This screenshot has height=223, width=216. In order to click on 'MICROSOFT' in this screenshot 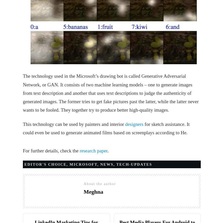, I will do `click(83, 164)`.